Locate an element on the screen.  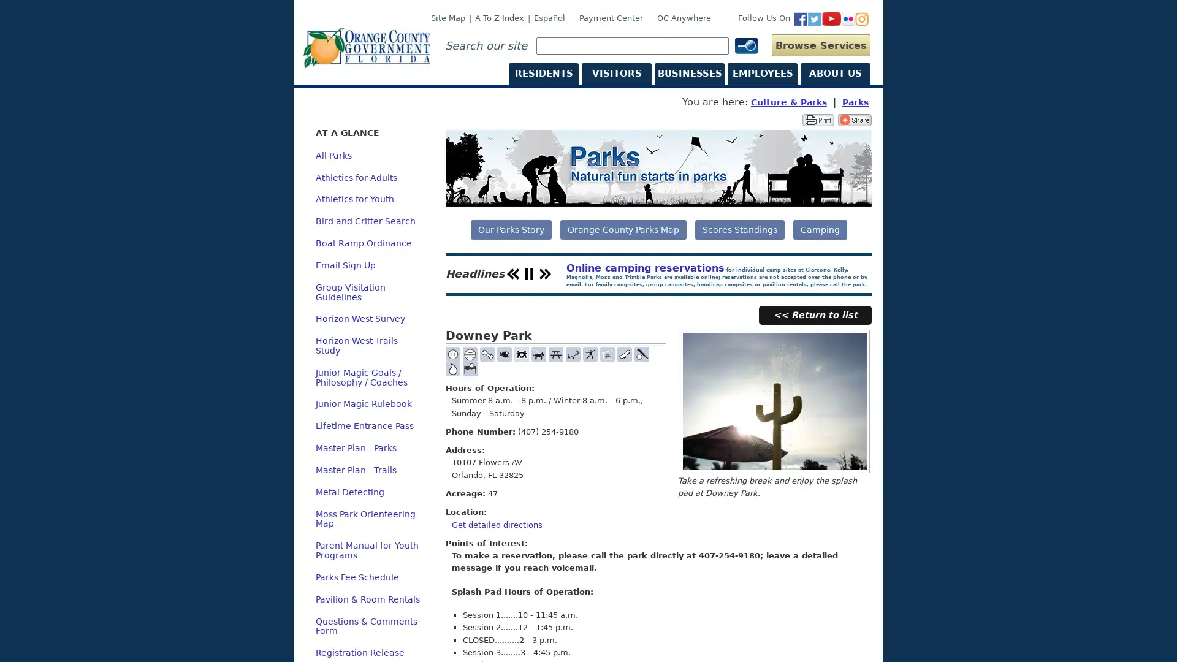
Browse Services is located at coordinates (821, 44).